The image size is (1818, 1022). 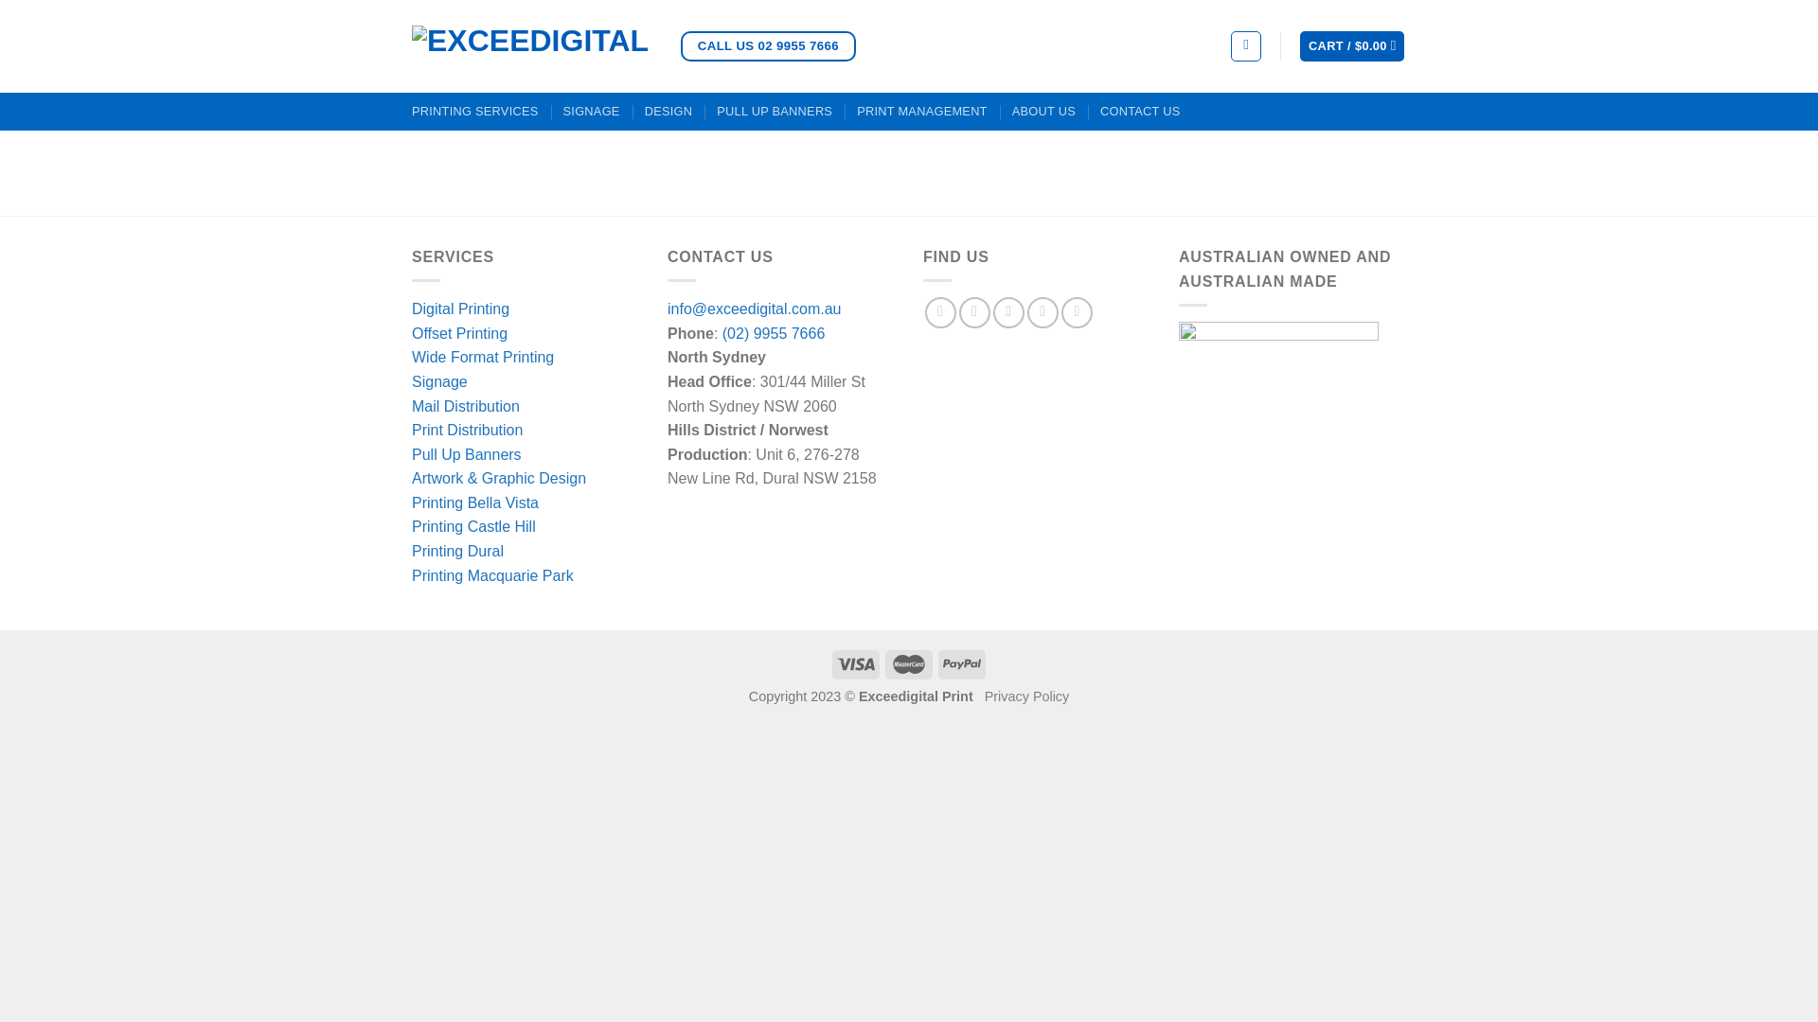 What do you see at coordinates (530, 45) in the screenshot?
I see `'Exceedigital - Printing Shop in North Sydney'` at bounding box center [530, 45].